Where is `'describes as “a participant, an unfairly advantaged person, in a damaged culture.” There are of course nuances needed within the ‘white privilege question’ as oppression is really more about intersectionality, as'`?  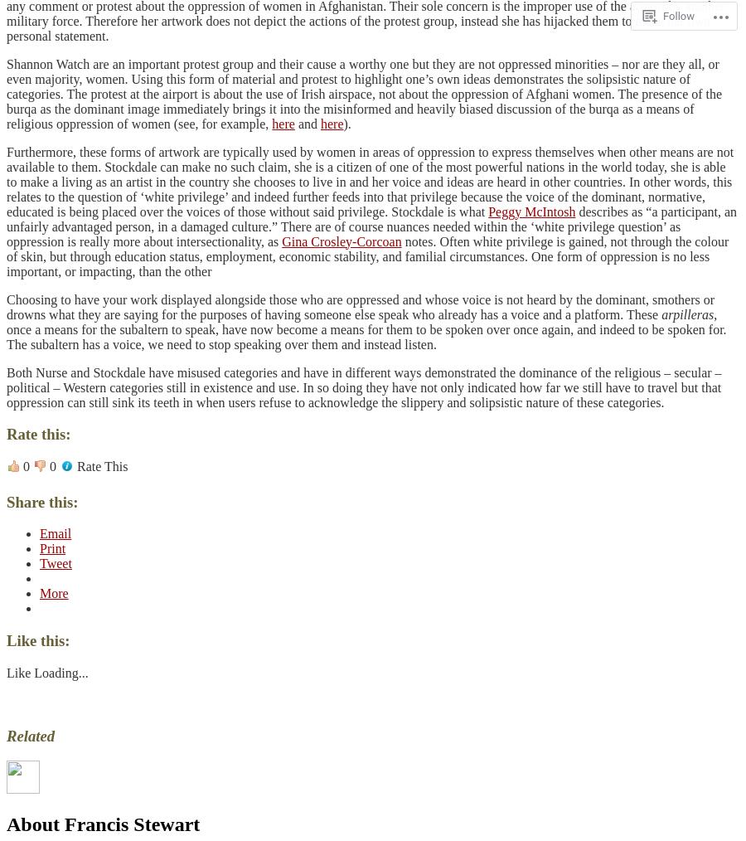
'describes as “a participant, an unfairly advantaged person, in a damaged culture.” There are of course nuances needed within the ‘white privilege question’ as oppression is really more about intersectionality, as' is located at coordinates (371, 226).